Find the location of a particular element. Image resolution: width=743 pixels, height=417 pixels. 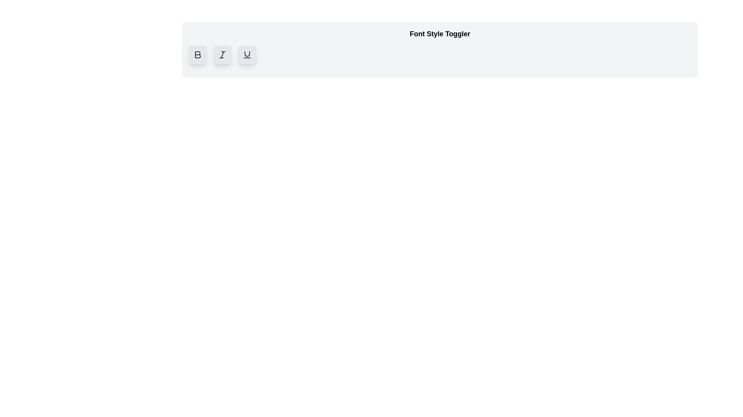

the italic styling button, which is a gray rectangular button with a rounded border and contains an italicized 'I' icon is located at coordinates (222, 54).